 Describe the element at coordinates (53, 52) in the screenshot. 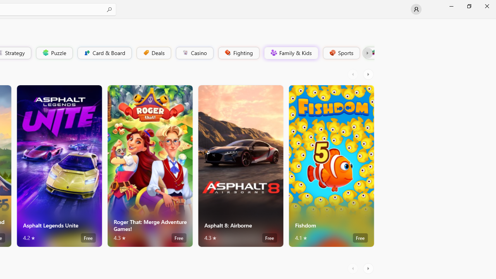

I see `'Puzzle'` at that location.